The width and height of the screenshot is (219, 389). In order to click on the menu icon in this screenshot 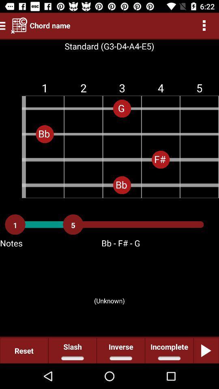, I will do `click(4, 25)`.